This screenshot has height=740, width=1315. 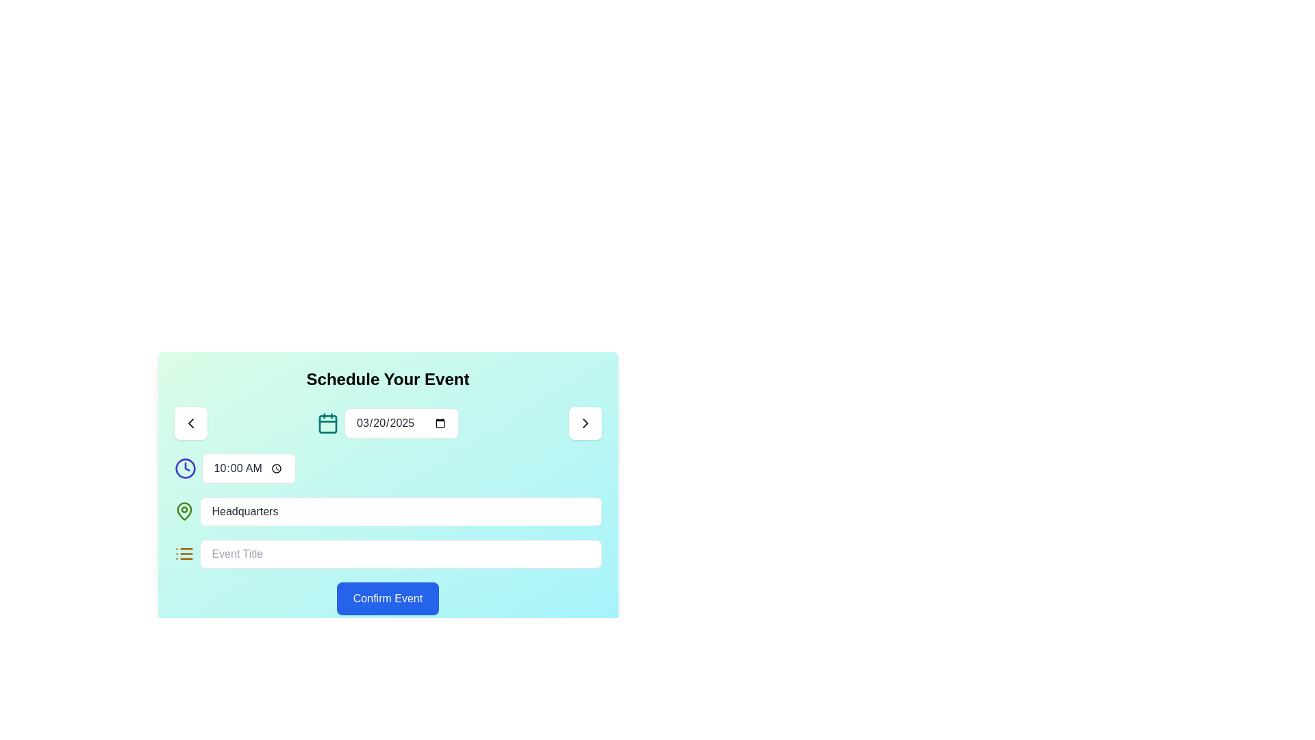 I want to click on the black leftward pointing arrow icon for the 'back' functionality located at the left side of the 'Schedule Your Event' section, so click(x=190, y=422).